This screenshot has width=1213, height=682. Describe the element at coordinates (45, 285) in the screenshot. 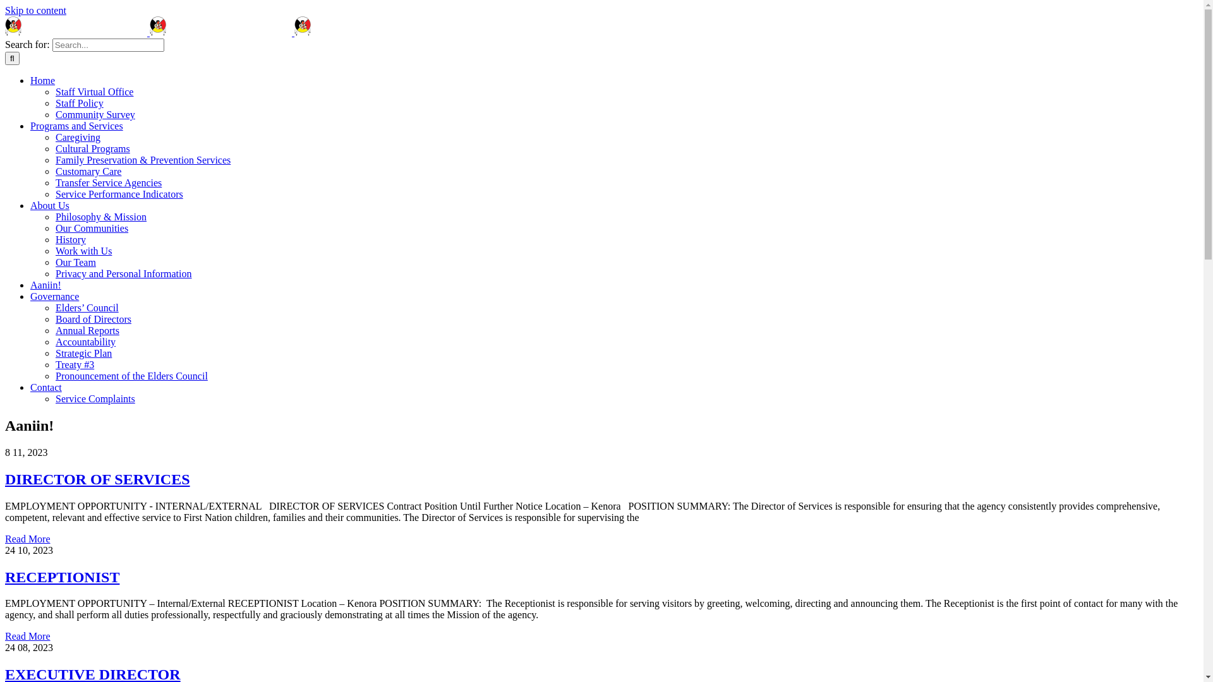

I see `'Aaniin!'` at that location.